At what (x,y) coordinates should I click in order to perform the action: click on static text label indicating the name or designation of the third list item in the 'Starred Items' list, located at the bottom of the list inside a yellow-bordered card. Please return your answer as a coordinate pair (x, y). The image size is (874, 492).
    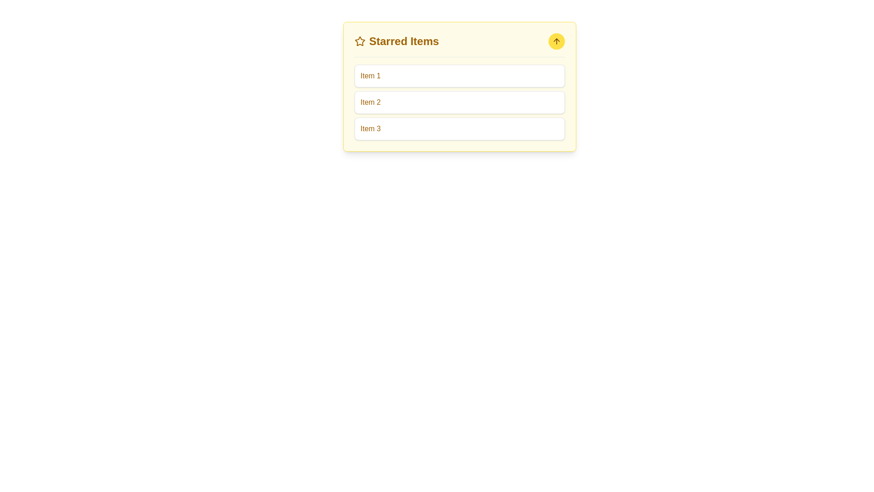
    Looking at the image, I should click on (371, 128).